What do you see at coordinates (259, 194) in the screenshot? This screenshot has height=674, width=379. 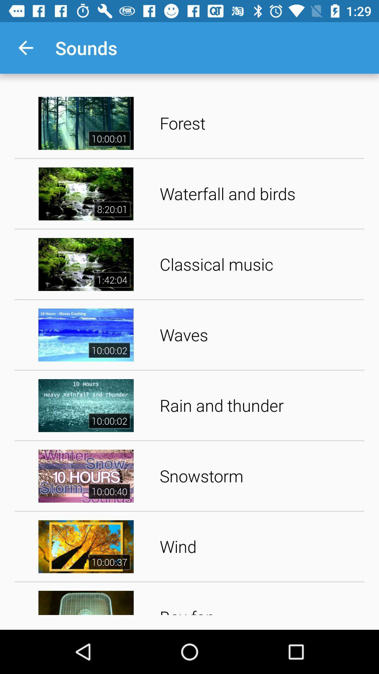 I see `app below the forest` at bounding box center [259, 194].